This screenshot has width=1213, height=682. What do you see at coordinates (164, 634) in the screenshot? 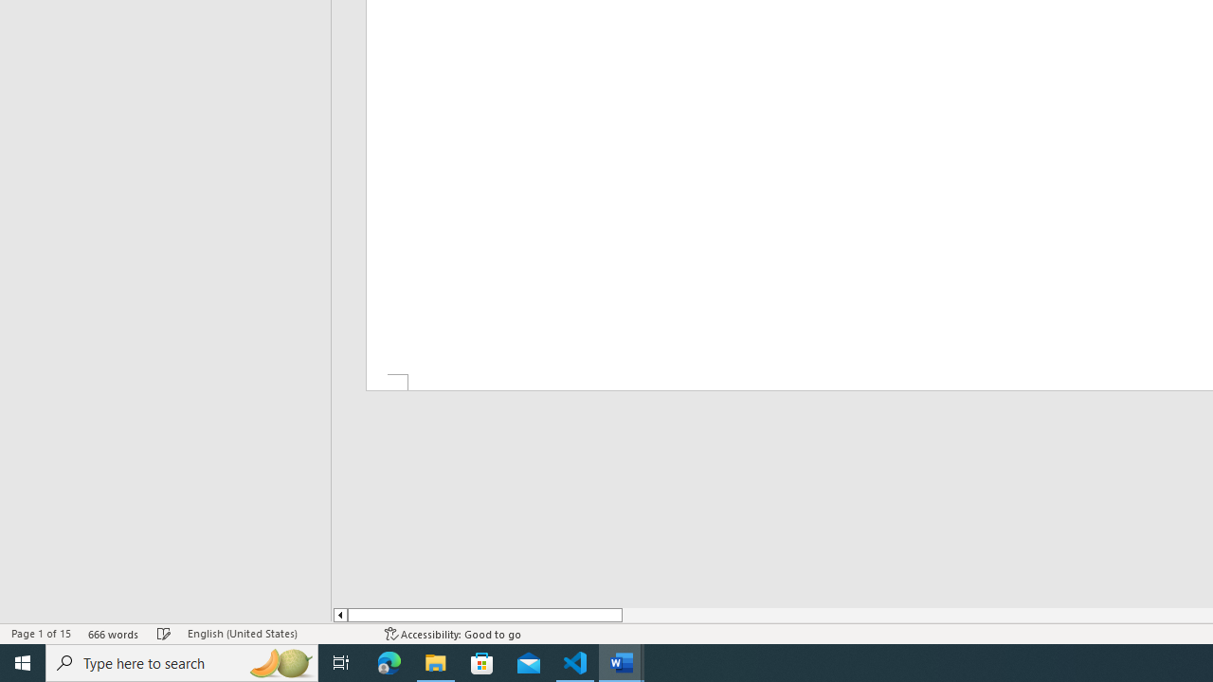
I see `'Spelling and Grammar Check Checking'` at bounding box center [164, 634].